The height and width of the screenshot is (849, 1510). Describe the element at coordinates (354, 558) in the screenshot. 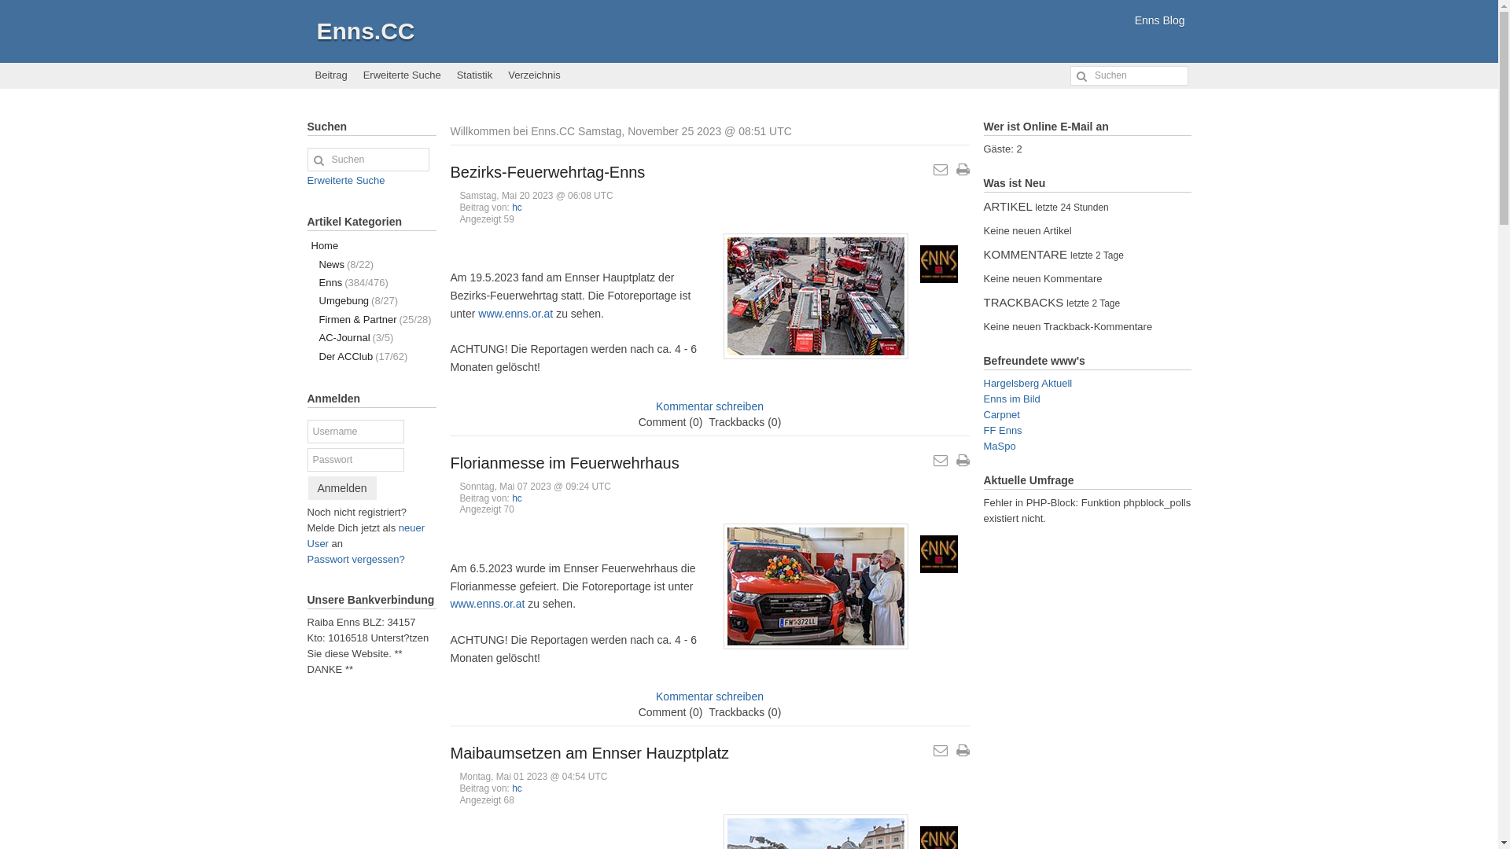

I see `'Passwort vergessen?'` at that location.